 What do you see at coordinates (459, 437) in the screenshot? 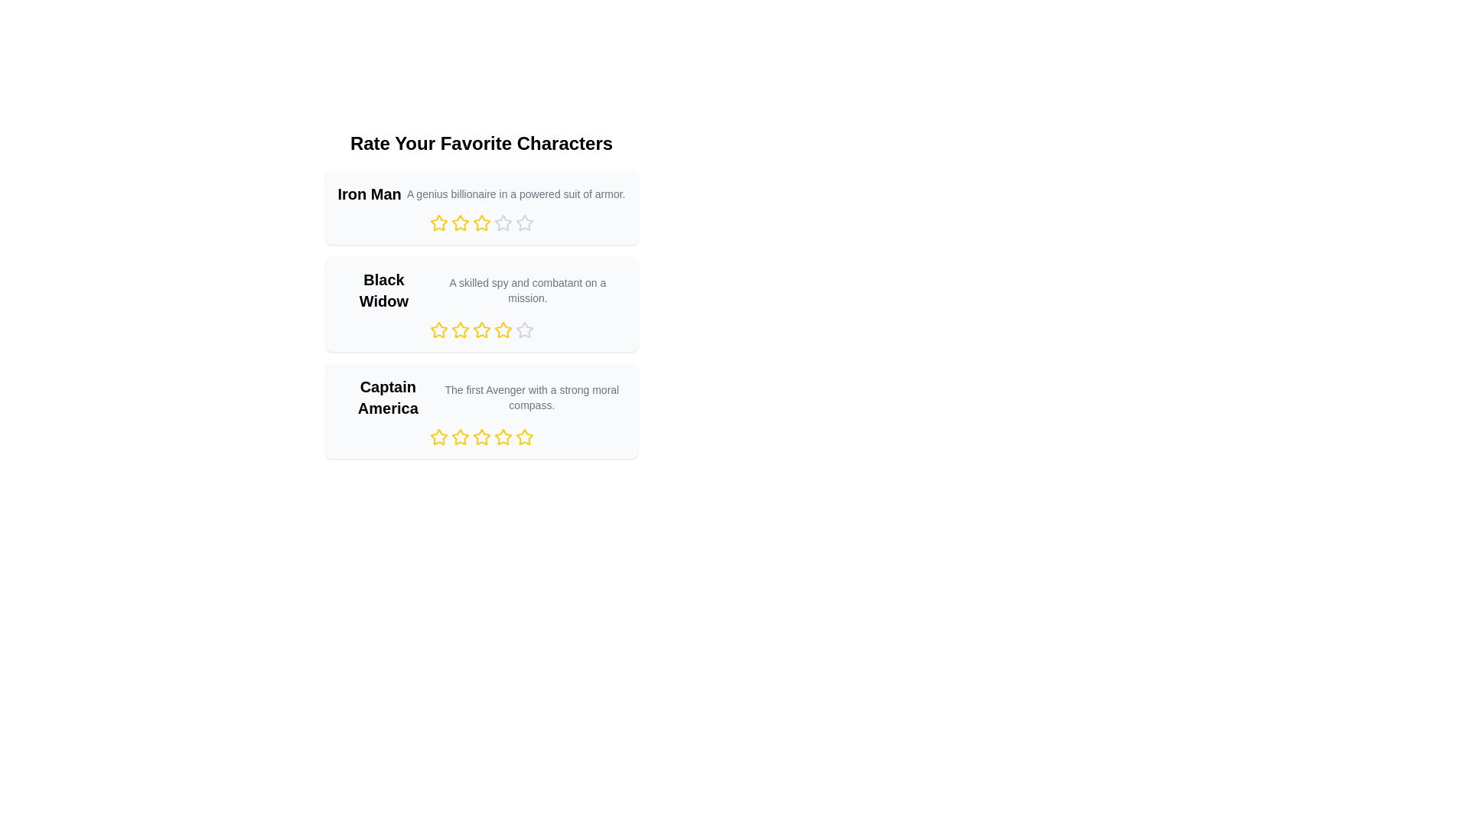
I see `the first star icon with a yellow outline and white fill in the rating section for 'Captain America' to set a one-star rating` at bounding box center [459, 437].